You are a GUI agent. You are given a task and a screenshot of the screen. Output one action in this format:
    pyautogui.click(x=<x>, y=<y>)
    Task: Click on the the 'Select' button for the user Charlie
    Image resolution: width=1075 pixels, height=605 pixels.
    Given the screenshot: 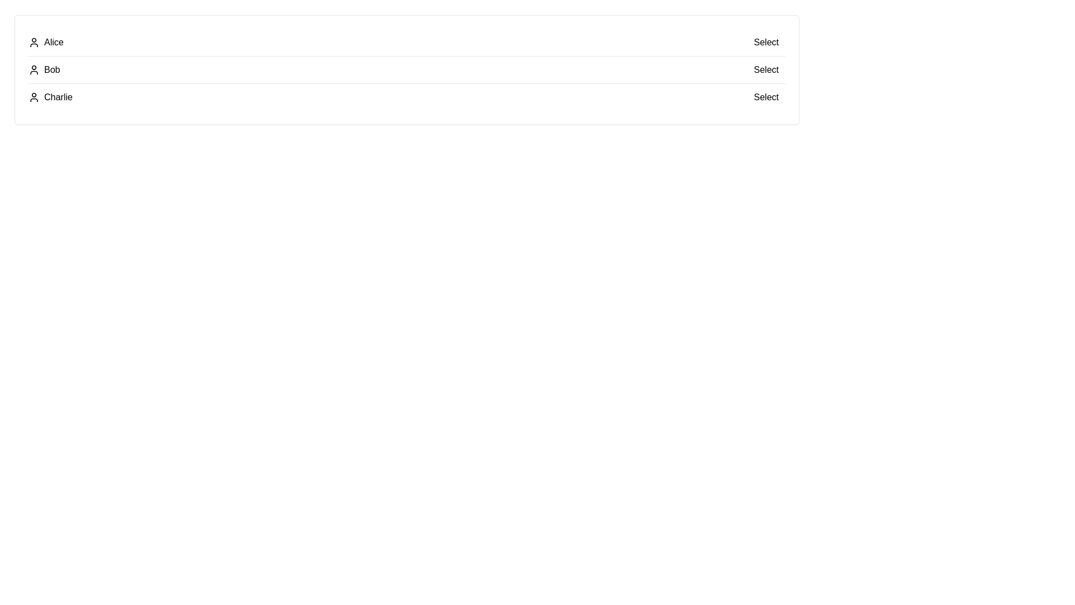 What is the action you would take?
    pyautogui.click(x=765, y=96)
    